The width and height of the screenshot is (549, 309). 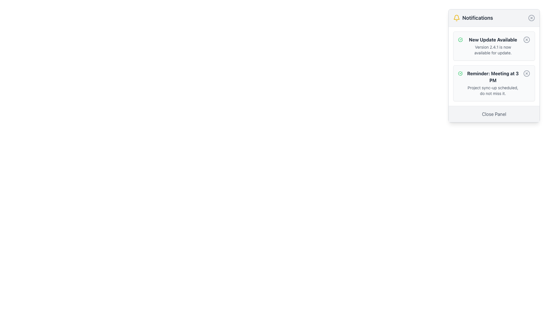 What do you see at coordinates (494, 114) in the screenshot?
I see `the 'Close Panel' button, which is a rectangular button with rounded edges and a light gray background located at the bottom of the notification panel` at bounding box center [494, 114].